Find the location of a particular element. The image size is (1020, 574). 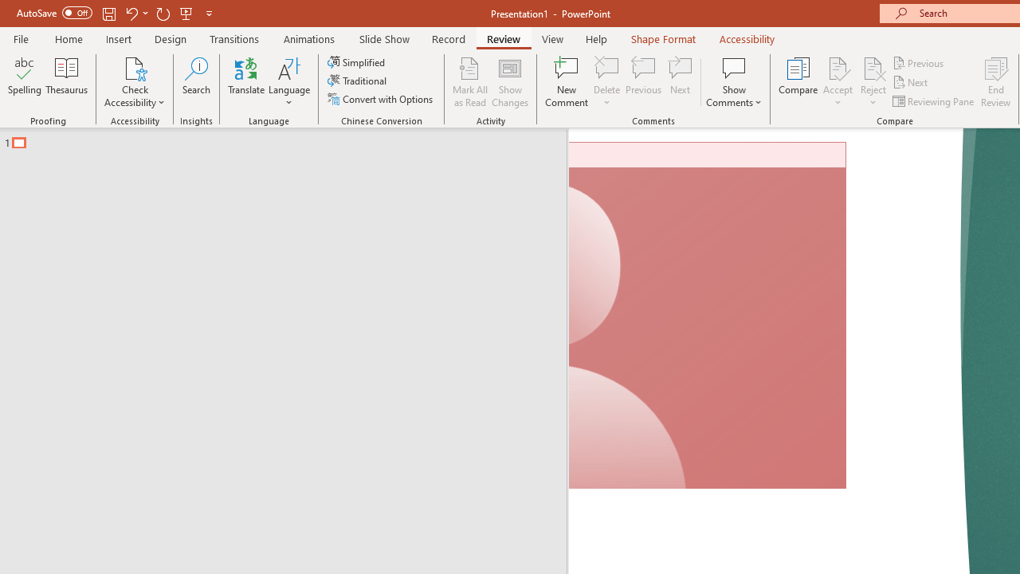

'Camera 7, No camera detected.' is located at coordinates (707, 316).